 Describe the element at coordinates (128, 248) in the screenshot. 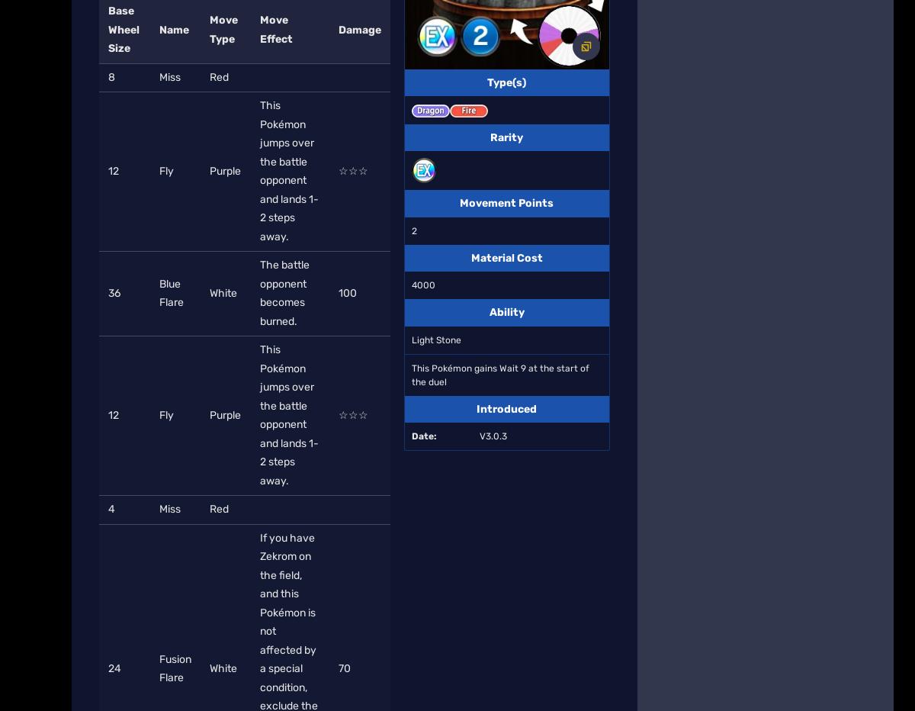

I see `'Muthead'` at that location.